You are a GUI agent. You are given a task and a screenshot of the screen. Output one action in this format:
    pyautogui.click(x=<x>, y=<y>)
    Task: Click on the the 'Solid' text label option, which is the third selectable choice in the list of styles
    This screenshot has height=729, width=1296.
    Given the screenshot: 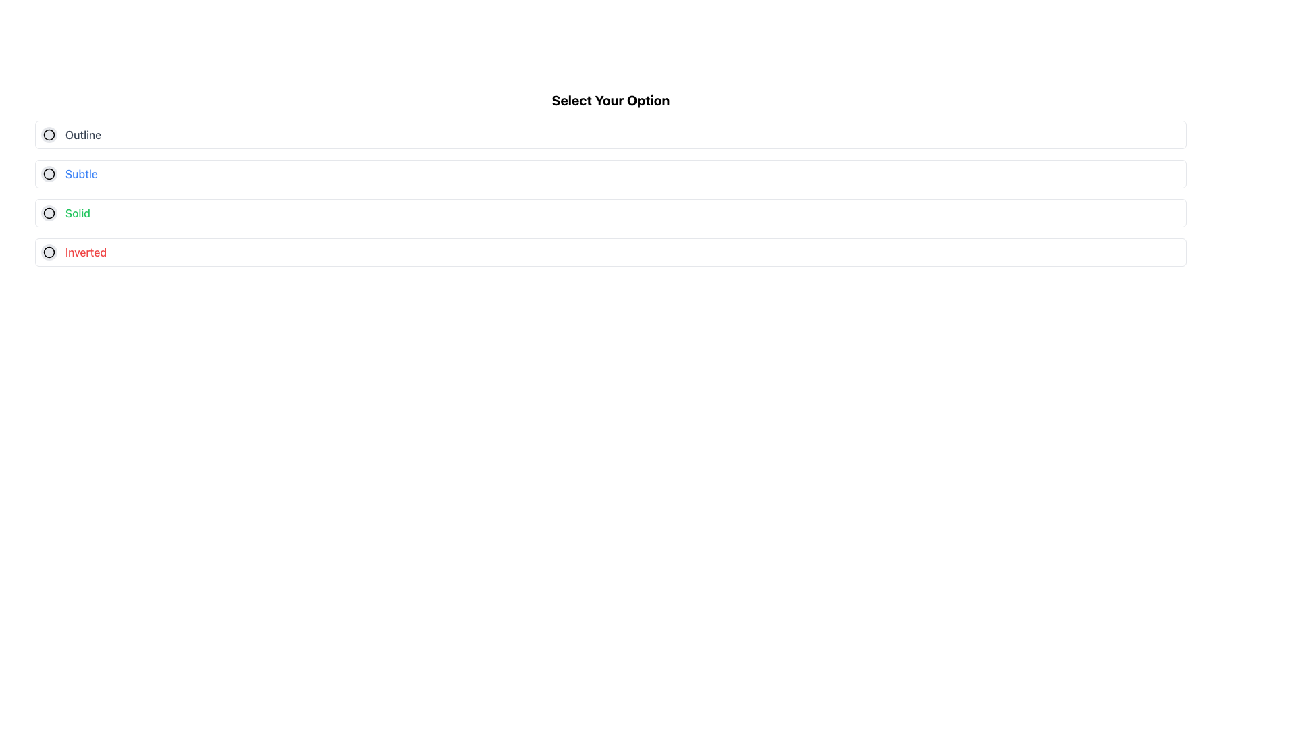 What is the action you would take?
    pyautogui.click(x=77, y=213)
    